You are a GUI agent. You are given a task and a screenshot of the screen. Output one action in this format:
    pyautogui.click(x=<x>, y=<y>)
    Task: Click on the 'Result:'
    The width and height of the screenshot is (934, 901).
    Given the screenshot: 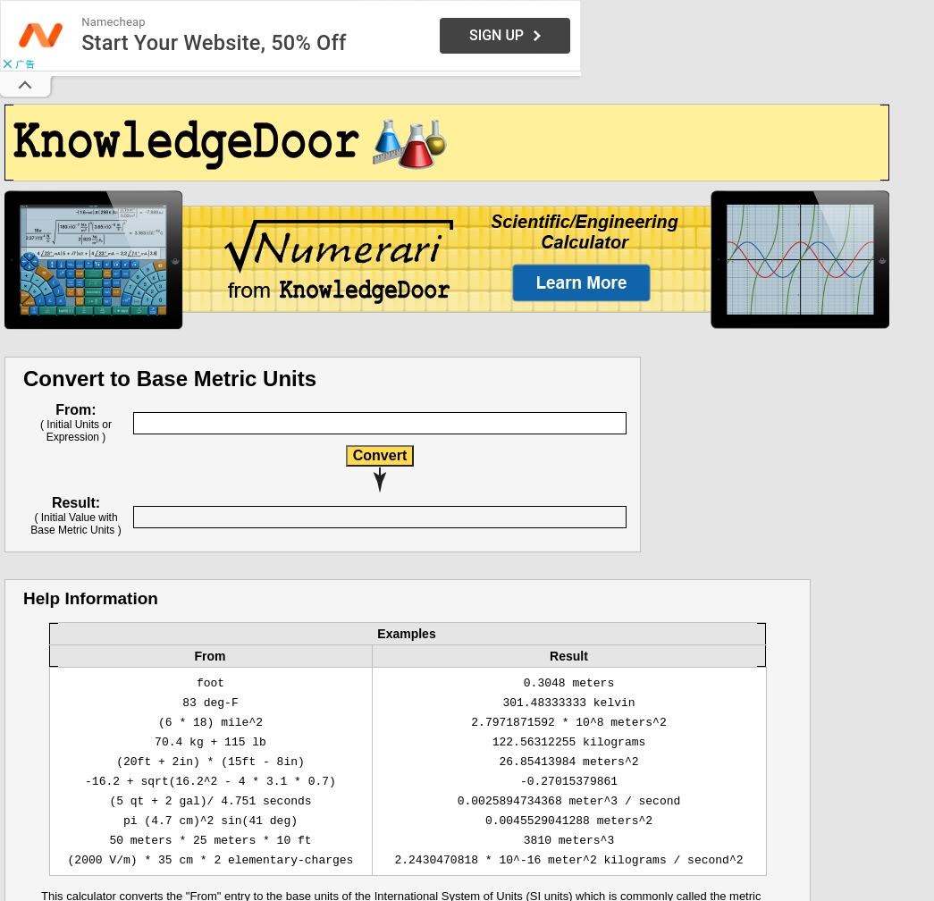 What is the action you would take?
    pyautogui.click(x=49, y=502)
    